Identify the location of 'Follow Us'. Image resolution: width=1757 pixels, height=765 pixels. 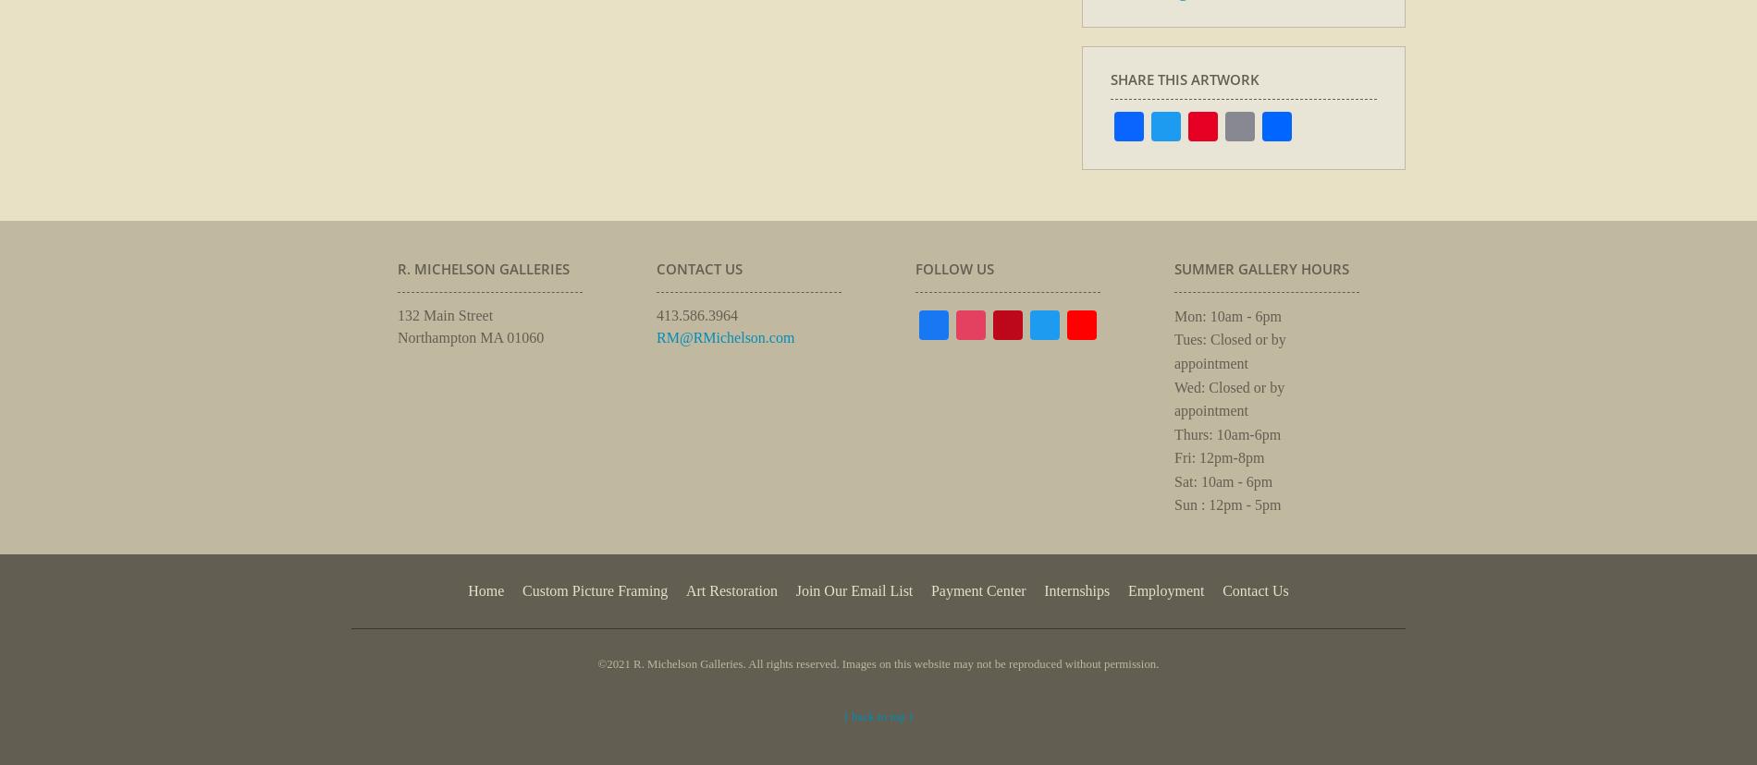
(954, 268).